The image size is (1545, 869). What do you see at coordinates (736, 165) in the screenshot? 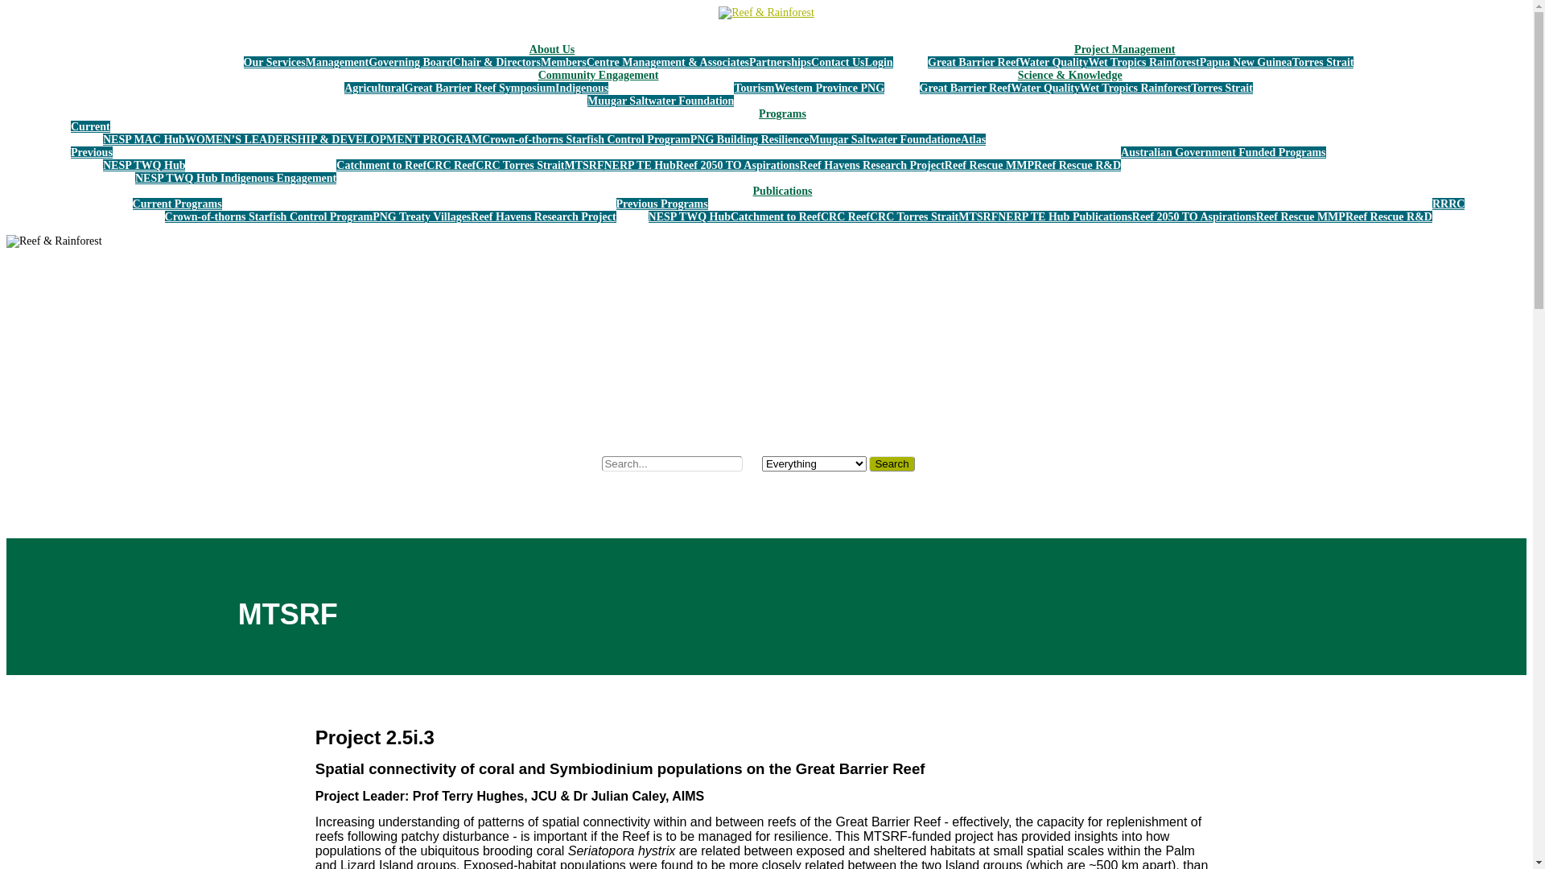
I see `'Reef 2050 TO Aspirations'` at bounding box center [736, 165].